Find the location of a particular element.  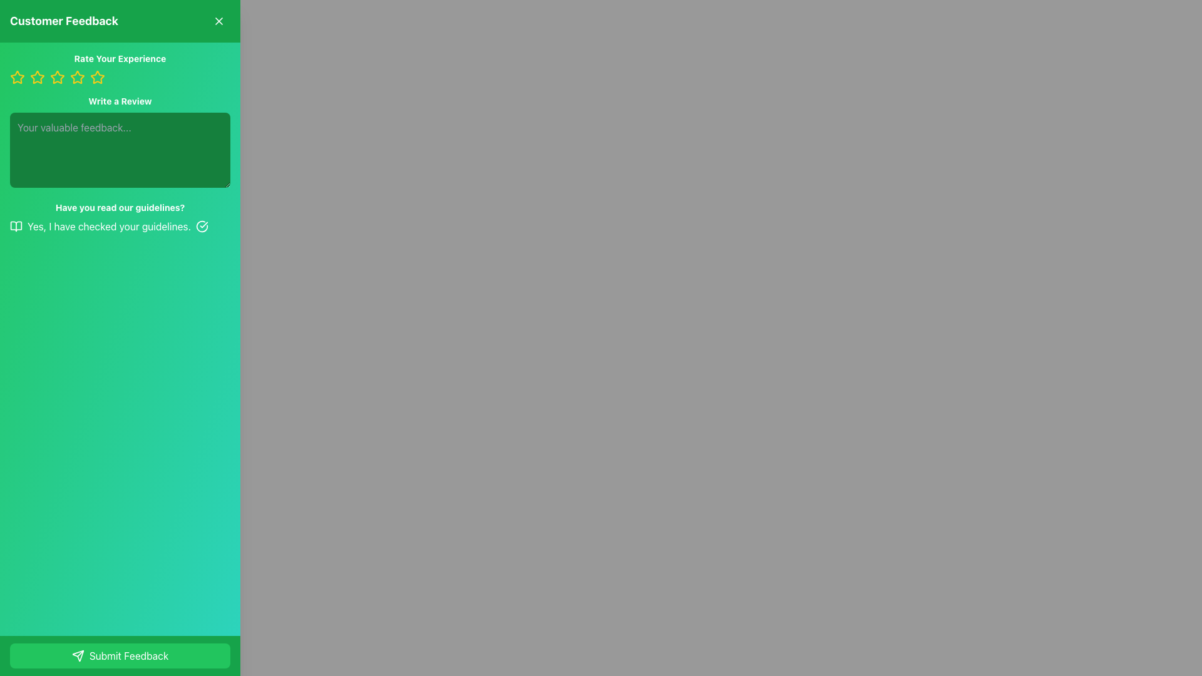

the static text label that says 'Write a Review', which is styled in bold font on a green background, positioned below a row of yellow stars and above a green rounded rectangular input box is located at coordinates (120, 101).